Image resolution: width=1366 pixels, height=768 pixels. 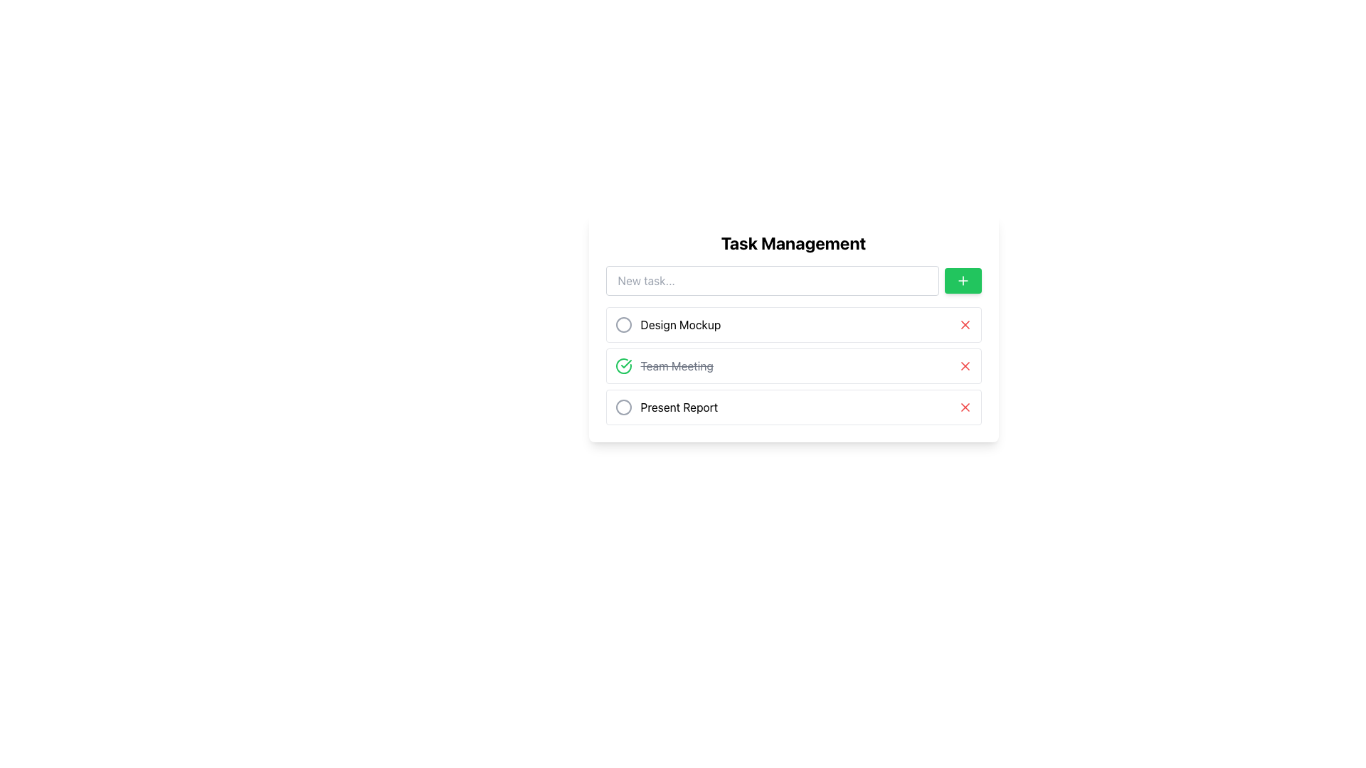 I want to click on the last List Item labeled 'Present Report' in the Task Management section, so click(x=665, y=407).